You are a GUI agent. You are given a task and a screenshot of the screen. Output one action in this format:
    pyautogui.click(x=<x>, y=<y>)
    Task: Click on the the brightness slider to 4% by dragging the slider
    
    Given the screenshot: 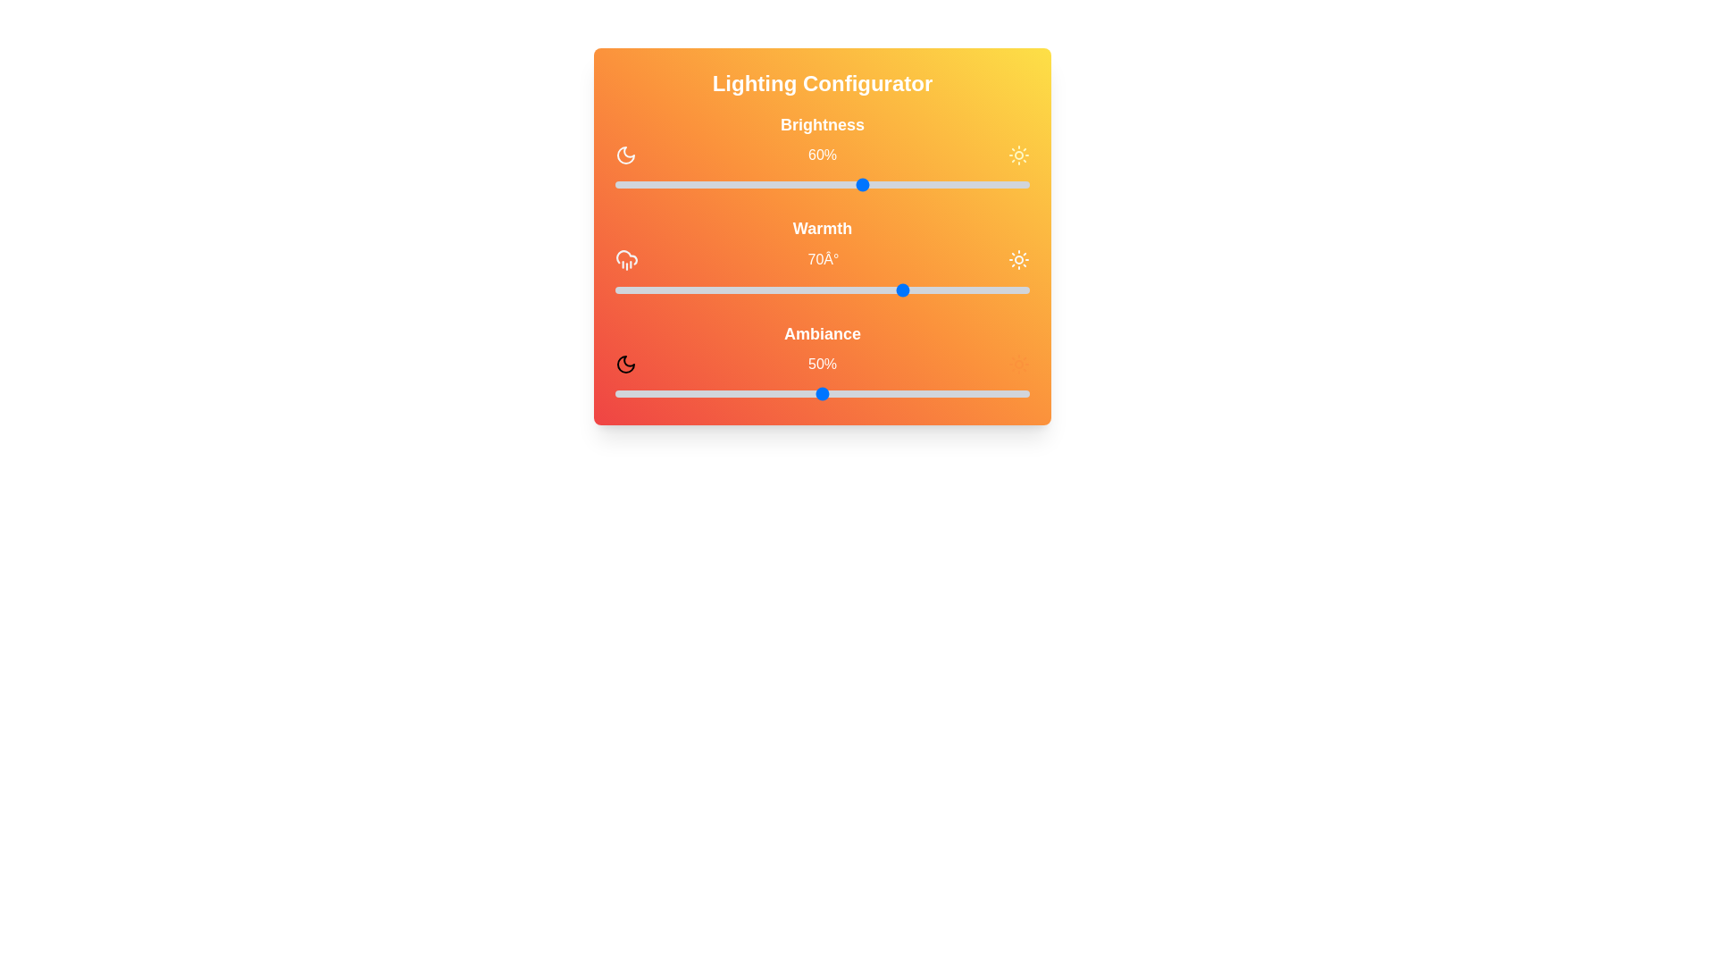 What is the action you would take?
    pyautogui.click(x=632, y=185)
    